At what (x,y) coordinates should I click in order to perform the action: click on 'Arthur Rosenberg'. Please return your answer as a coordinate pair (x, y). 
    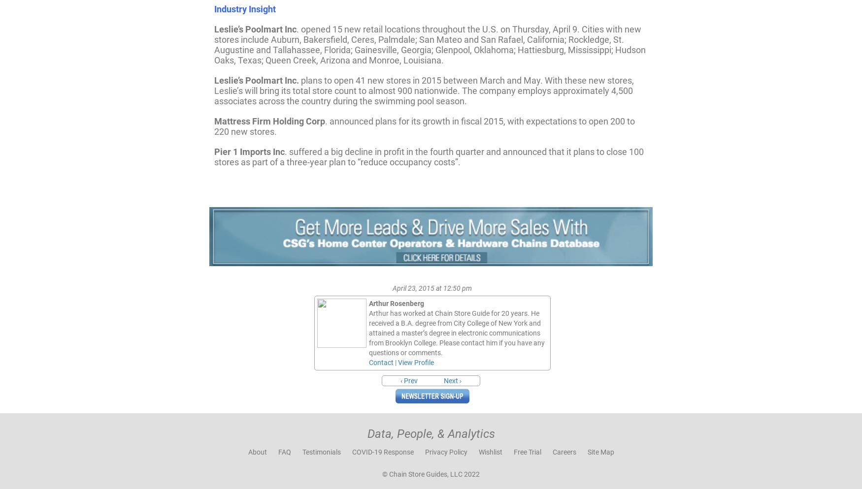
    Looking at the image, I should click on (395, 302).